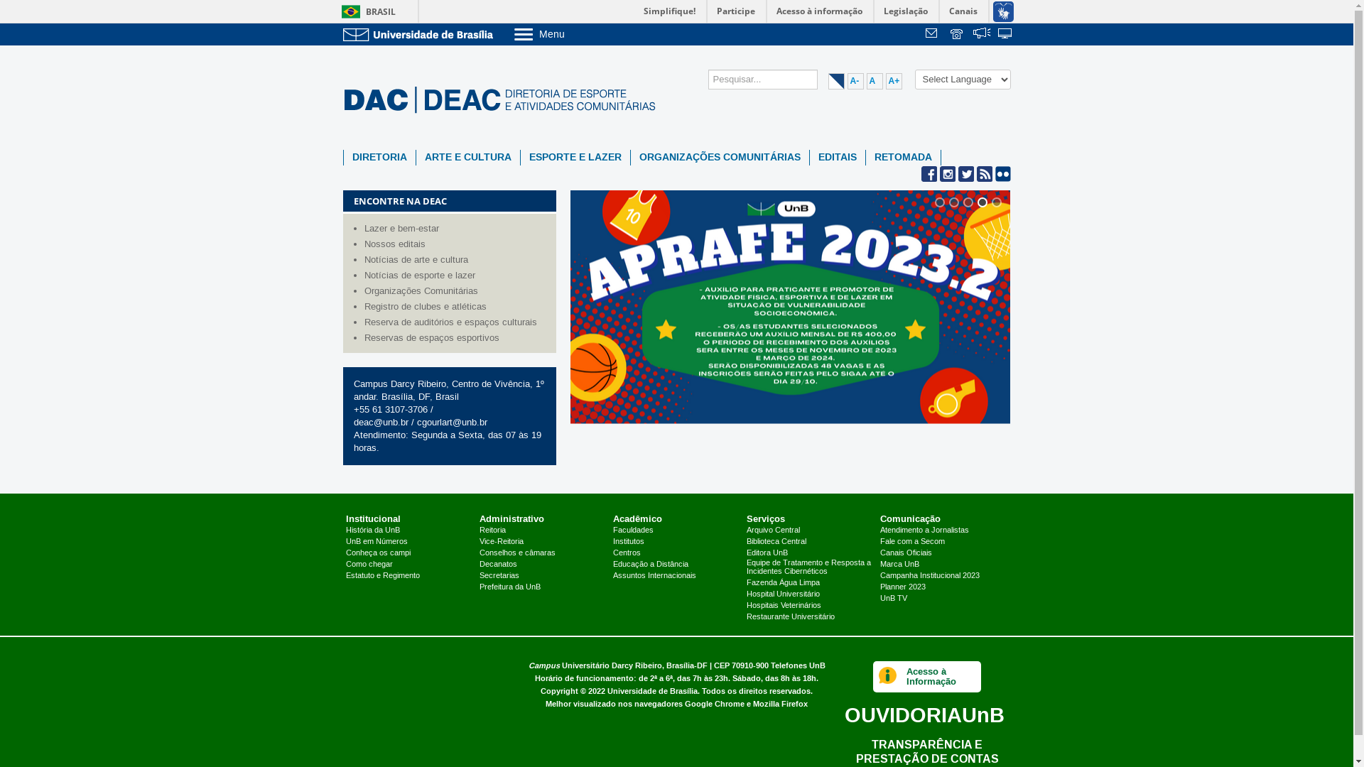  I want to click on 'Atendimento a Jornalistas', so click(924, 531).